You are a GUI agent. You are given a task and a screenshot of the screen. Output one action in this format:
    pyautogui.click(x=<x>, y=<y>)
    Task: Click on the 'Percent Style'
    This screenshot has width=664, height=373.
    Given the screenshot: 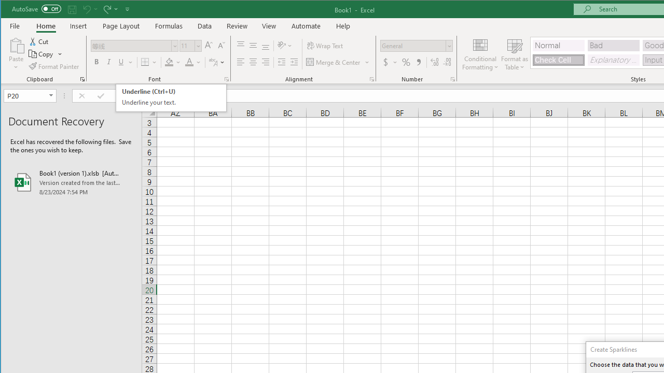 What is the action you would take?
    pyautogui.click(x=405, y=62)
    